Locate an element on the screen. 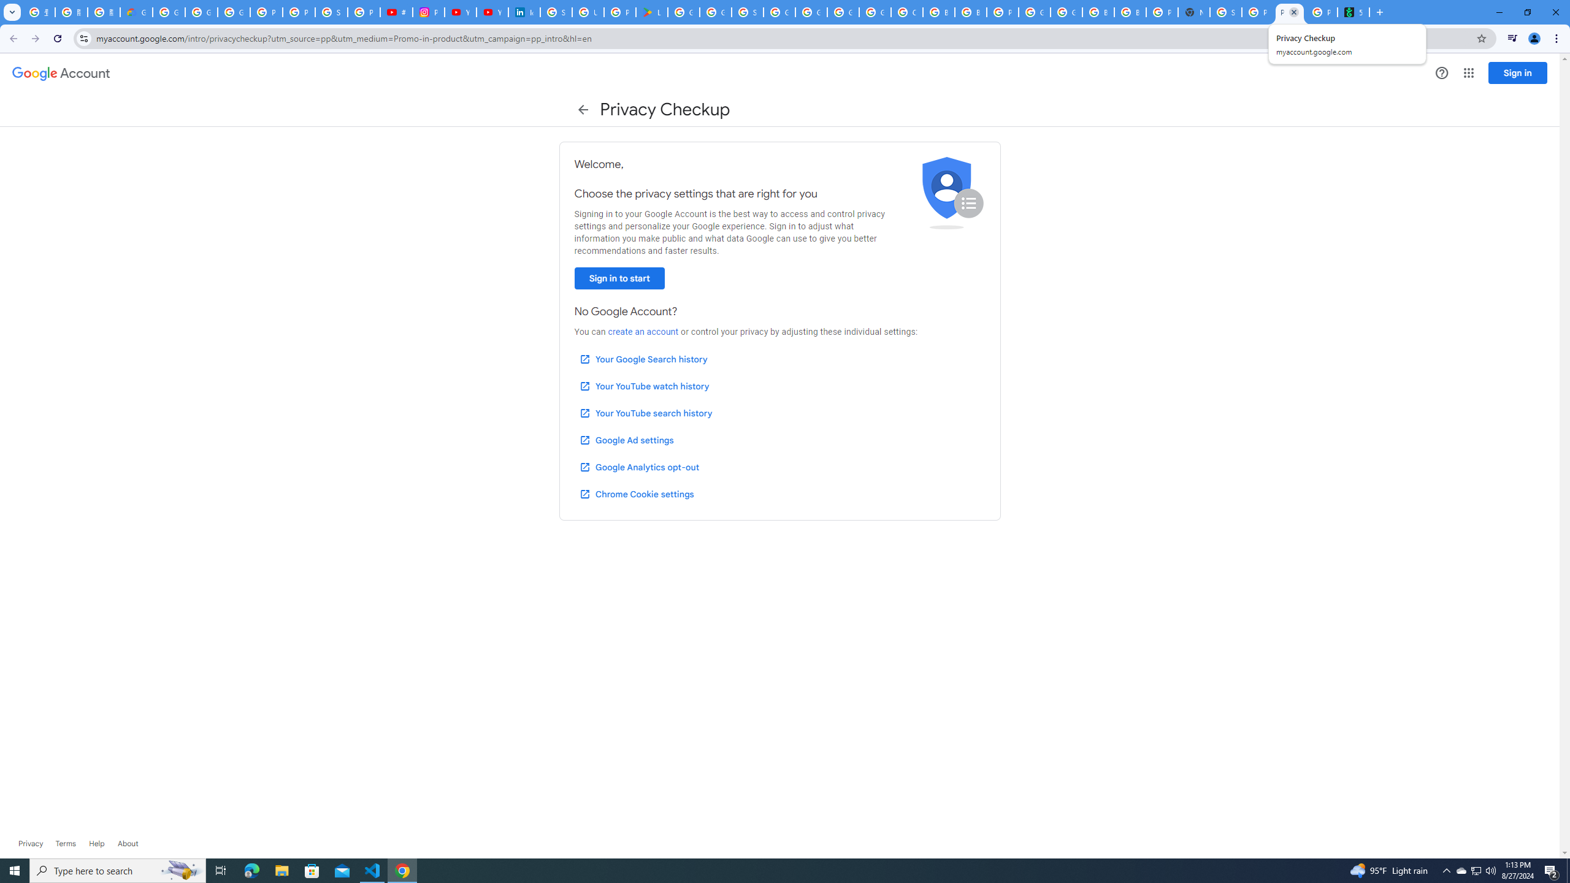 The image size is (1570, 883). 'Help' is located at coordinates (96, 843).